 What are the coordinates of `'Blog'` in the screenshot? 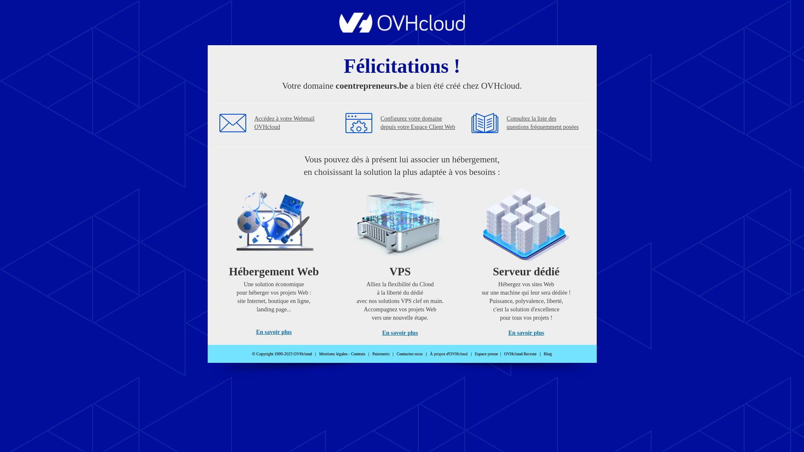 It's located at (548, 354).